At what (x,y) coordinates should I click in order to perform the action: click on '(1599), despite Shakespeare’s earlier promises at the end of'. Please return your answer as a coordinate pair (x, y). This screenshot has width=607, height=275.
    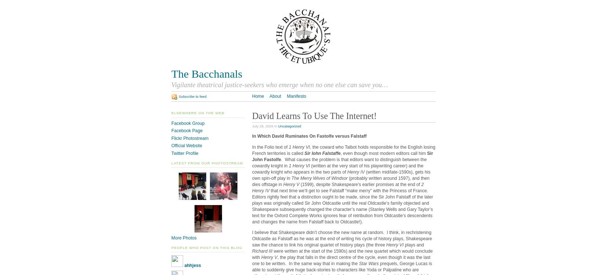
    Looking at the image, I should click on (299, 184).